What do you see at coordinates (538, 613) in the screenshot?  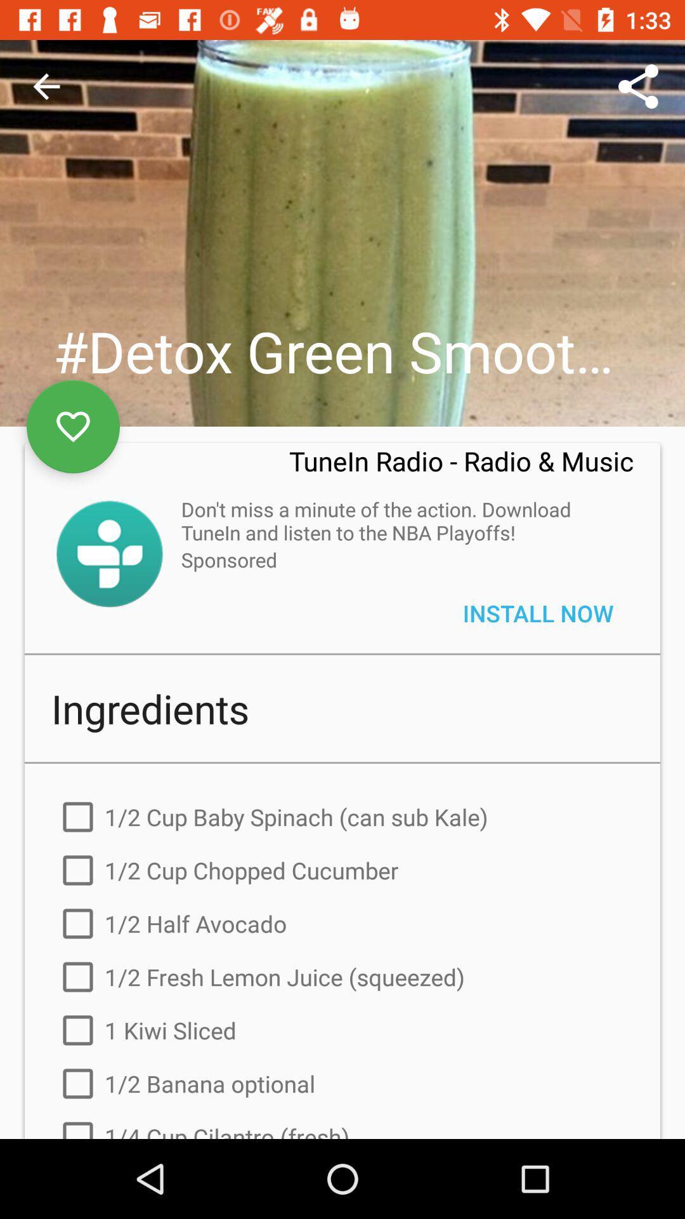 I see `item below the don t miss` at bounding box center [538, 613].